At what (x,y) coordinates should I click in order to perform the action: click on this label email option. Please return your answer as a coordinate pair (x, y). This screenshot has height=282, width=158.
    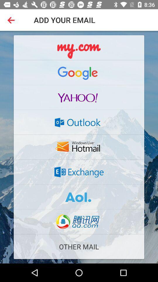
    Looking at the image, I should click on (79, 197).